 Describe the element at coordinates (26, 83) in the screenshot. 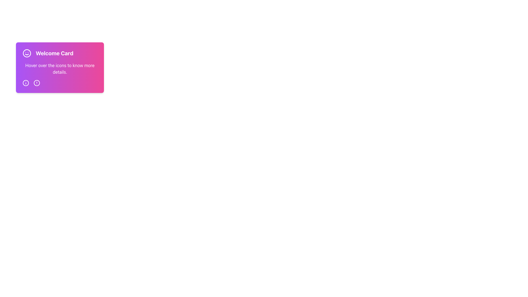

I see `the information icon located in the bottom left section of the card-like gradient background, which is the first in a horizontal set of icons and precedes a warning icon` at that location.